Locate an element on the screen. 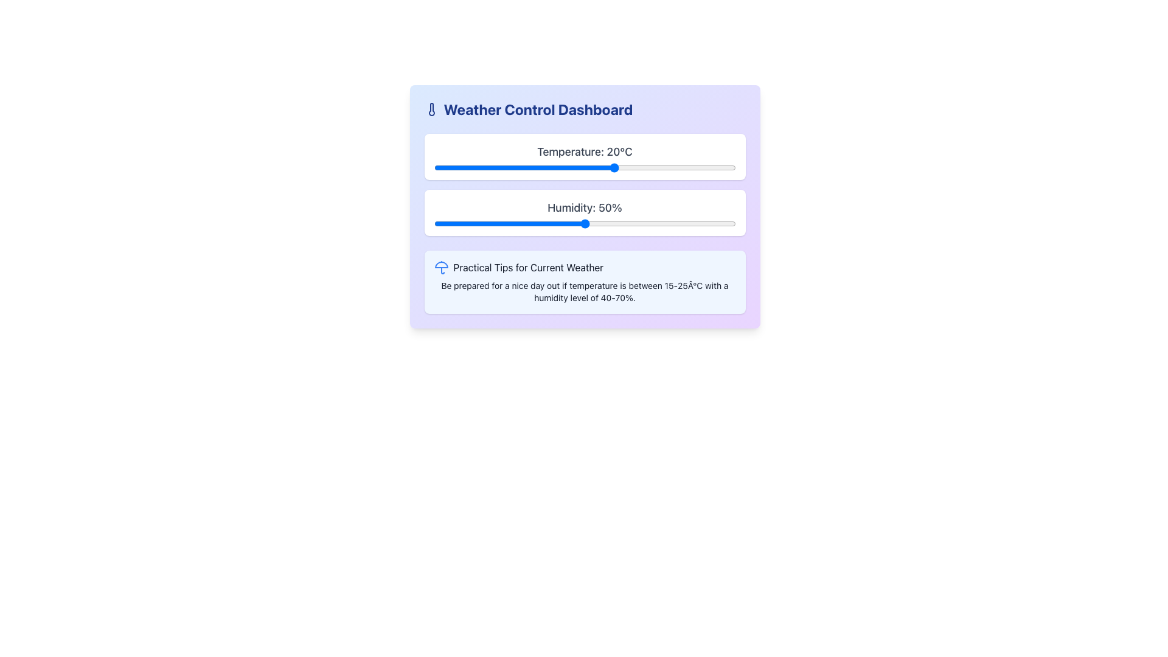  the slider thumb located below the 'Temperature: 20°C' text in the Weather Control Dashboard is located at coordinates (585, 168).